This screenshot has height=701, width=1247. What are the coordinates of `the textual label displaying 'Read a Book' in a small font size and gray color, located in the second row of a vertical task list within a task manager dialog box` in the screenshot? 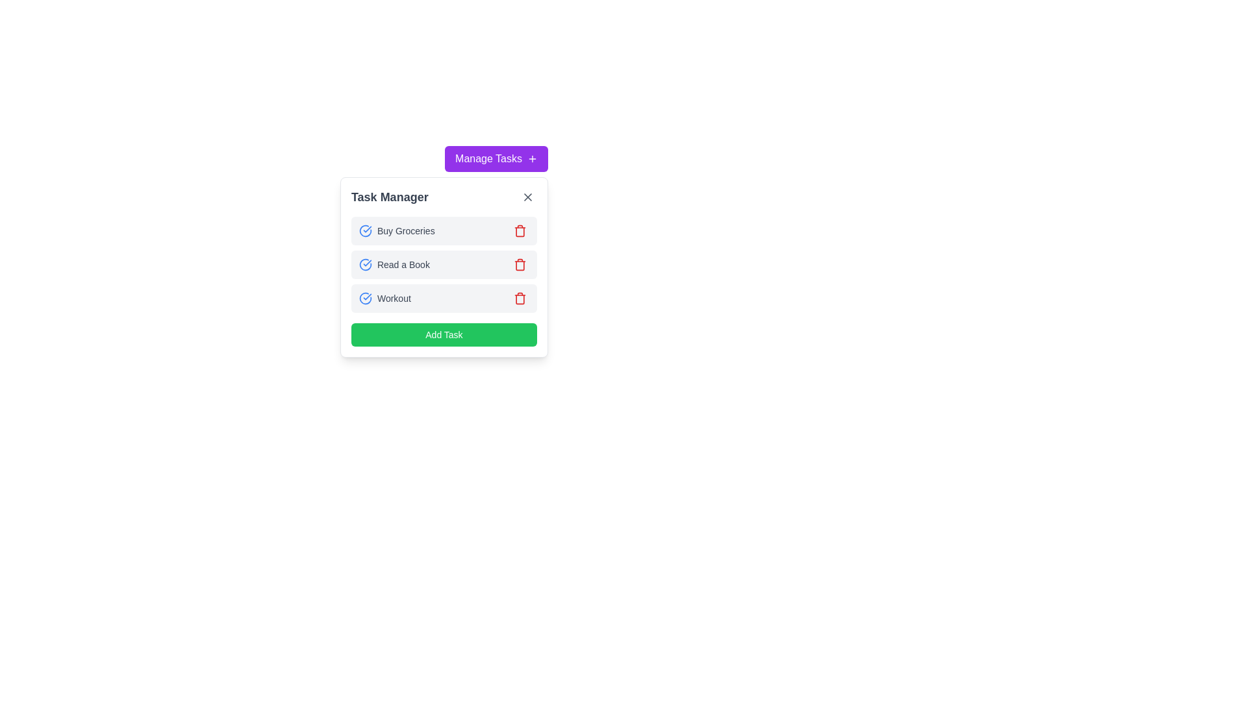 It's located at (394, 264).